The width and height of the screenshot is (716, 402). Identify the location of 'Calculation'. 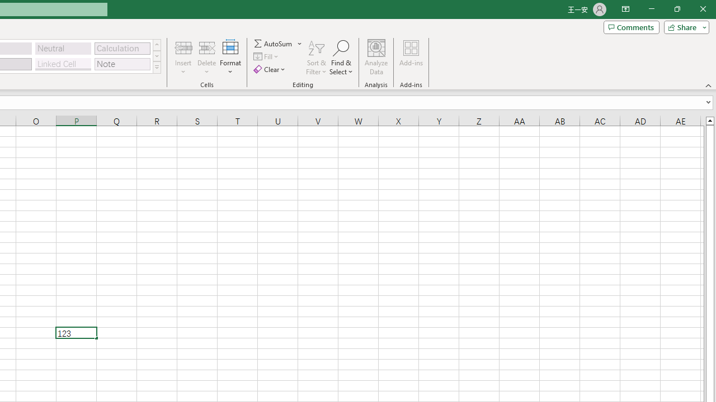
(122, 47).